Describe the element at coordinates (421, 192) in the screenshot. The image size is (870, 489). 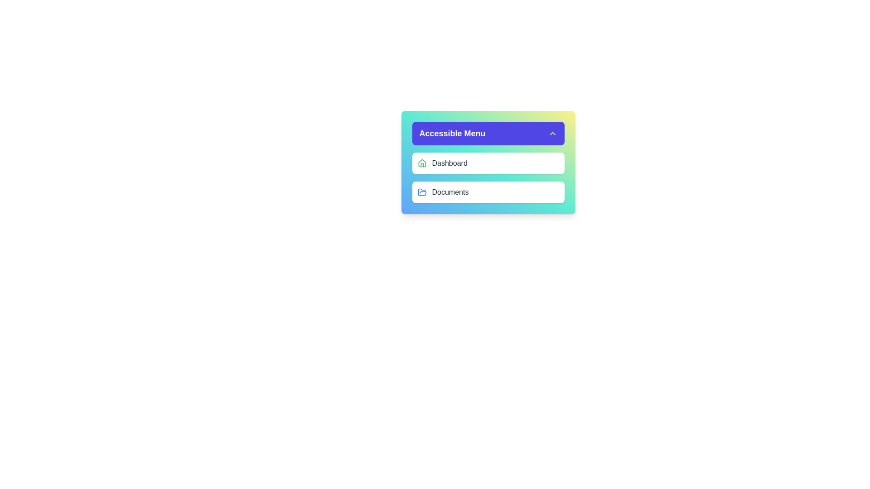
I see `the open folder icon located to the left of the 'Documents' label within a white rounded rectangular component, positioned below the 'Dashboard' entry` at that location.